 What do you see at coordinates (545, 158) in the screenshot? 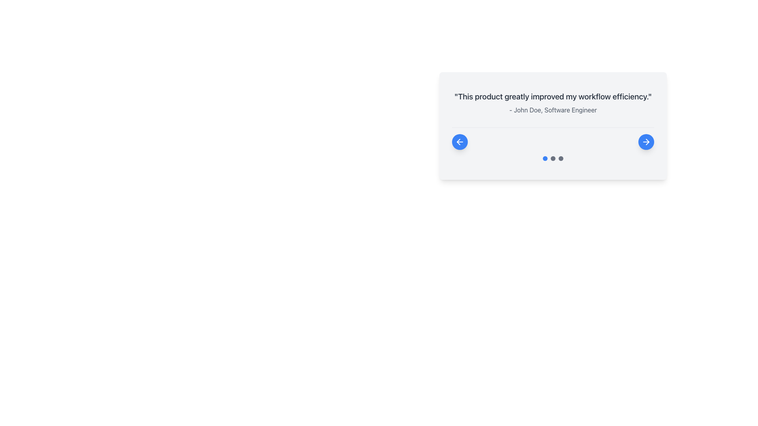
I see `the first blue circular indicator located at the bottom of the testimonial box` at bounding box center [545, 158].